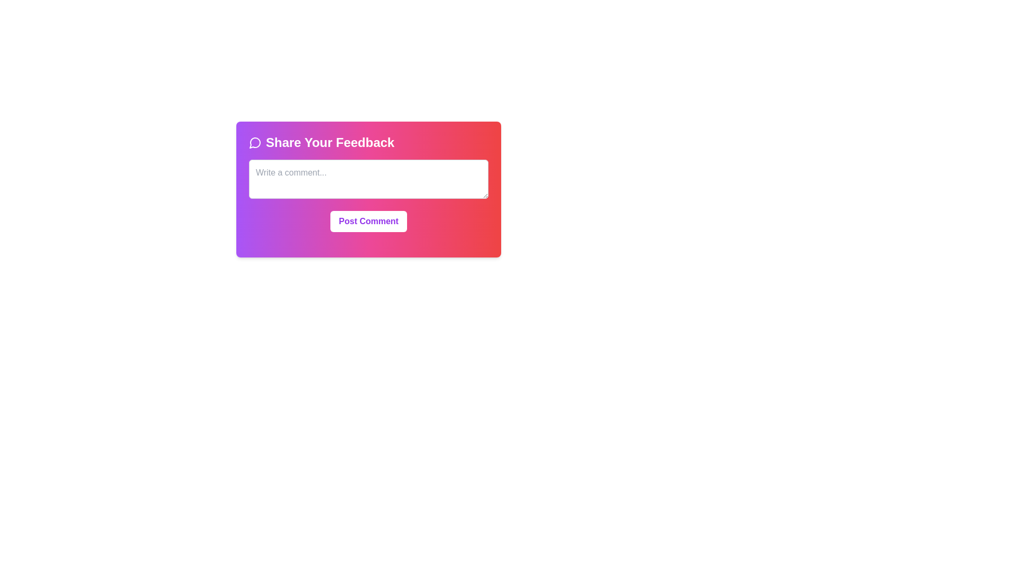  What do you see at coordinates (368, 189) in the screenshot?
I see `the input field of the Interactive feedback form with the placeholder text 'Write a comment...' for typing` at bounding box center [368, 189].